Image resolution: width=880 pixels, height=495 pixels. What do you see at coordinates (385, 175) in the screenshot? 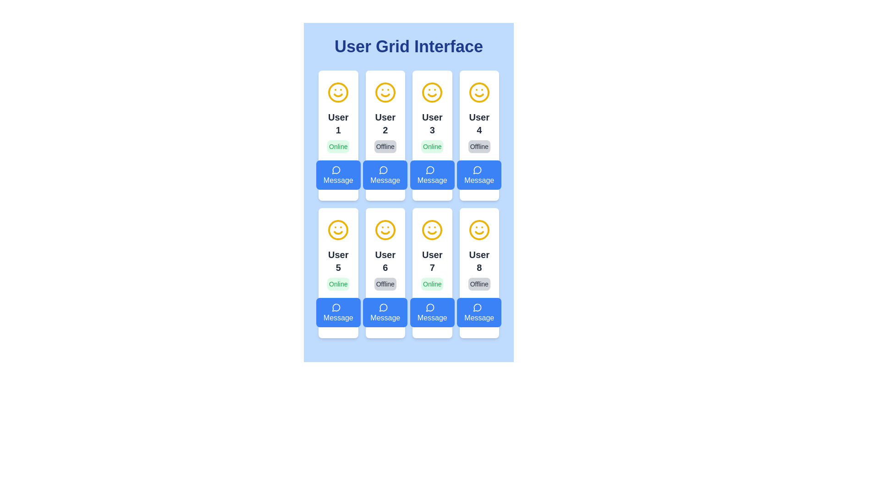
I see `the button located at the bottom of the second card in the top row of the grid layout, which initiates a messaging interaction with 'User 2'` at bounding box center [385, 175].